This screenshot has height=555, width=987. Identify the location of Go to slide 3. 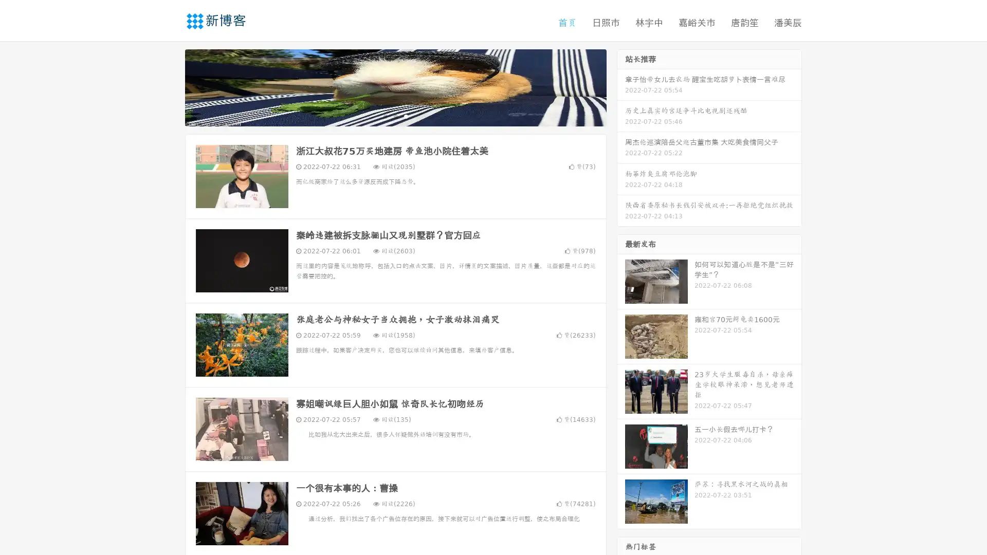
(406, 116).